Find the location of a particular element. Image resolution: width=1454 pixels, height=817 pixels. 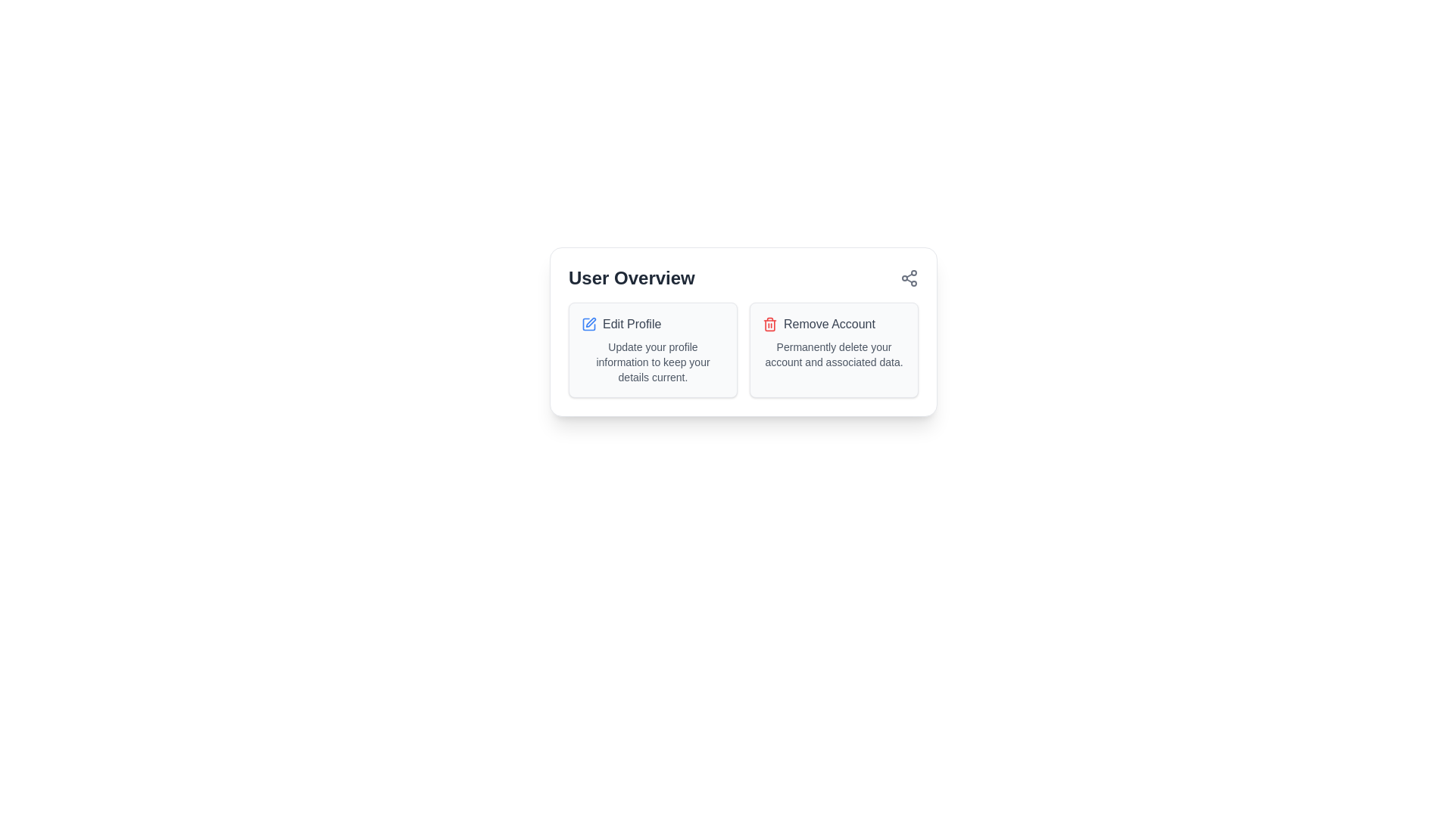

the vibrant blue square-shaped icon resembling a pen, located to the left of the 'Edit Profile' label, to associate it with the 'Edit Profile' action is located at coordinates (588, 323).